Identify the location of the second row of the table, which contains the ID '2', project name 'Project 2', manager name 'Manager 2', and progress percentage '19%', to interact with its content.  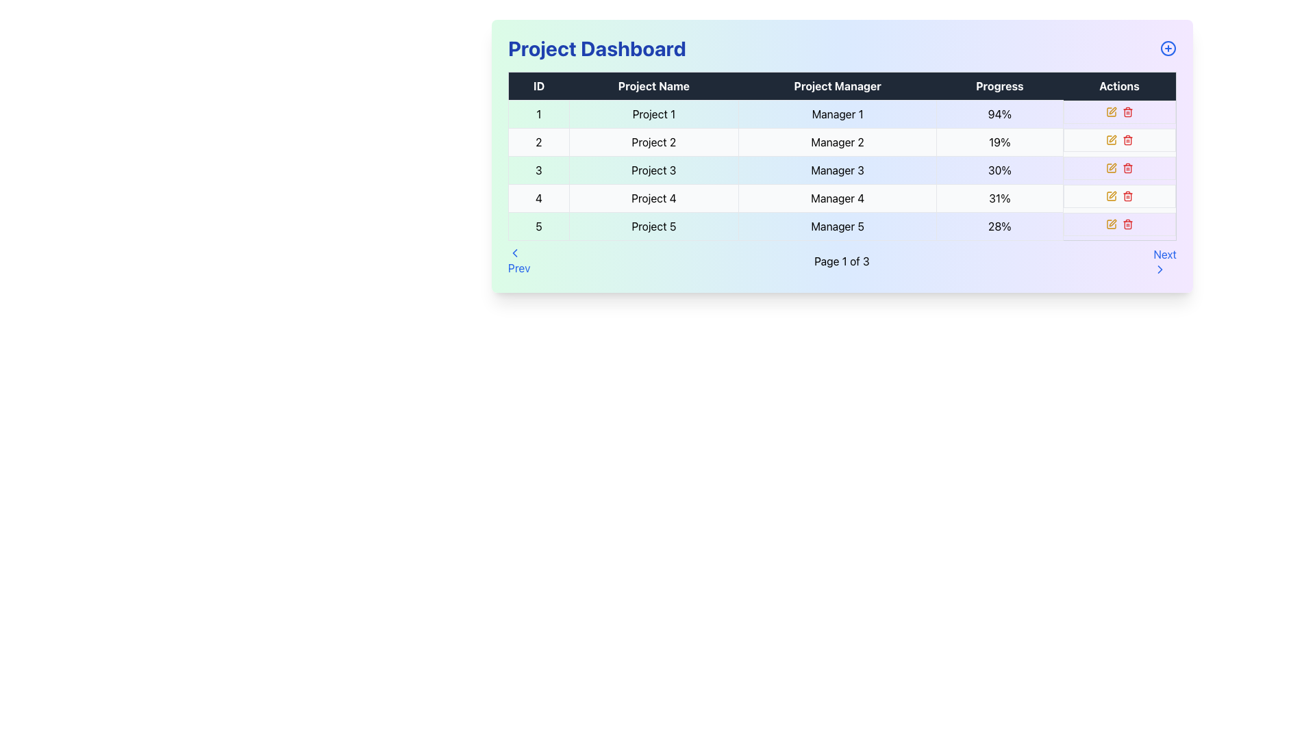
(841, 142).